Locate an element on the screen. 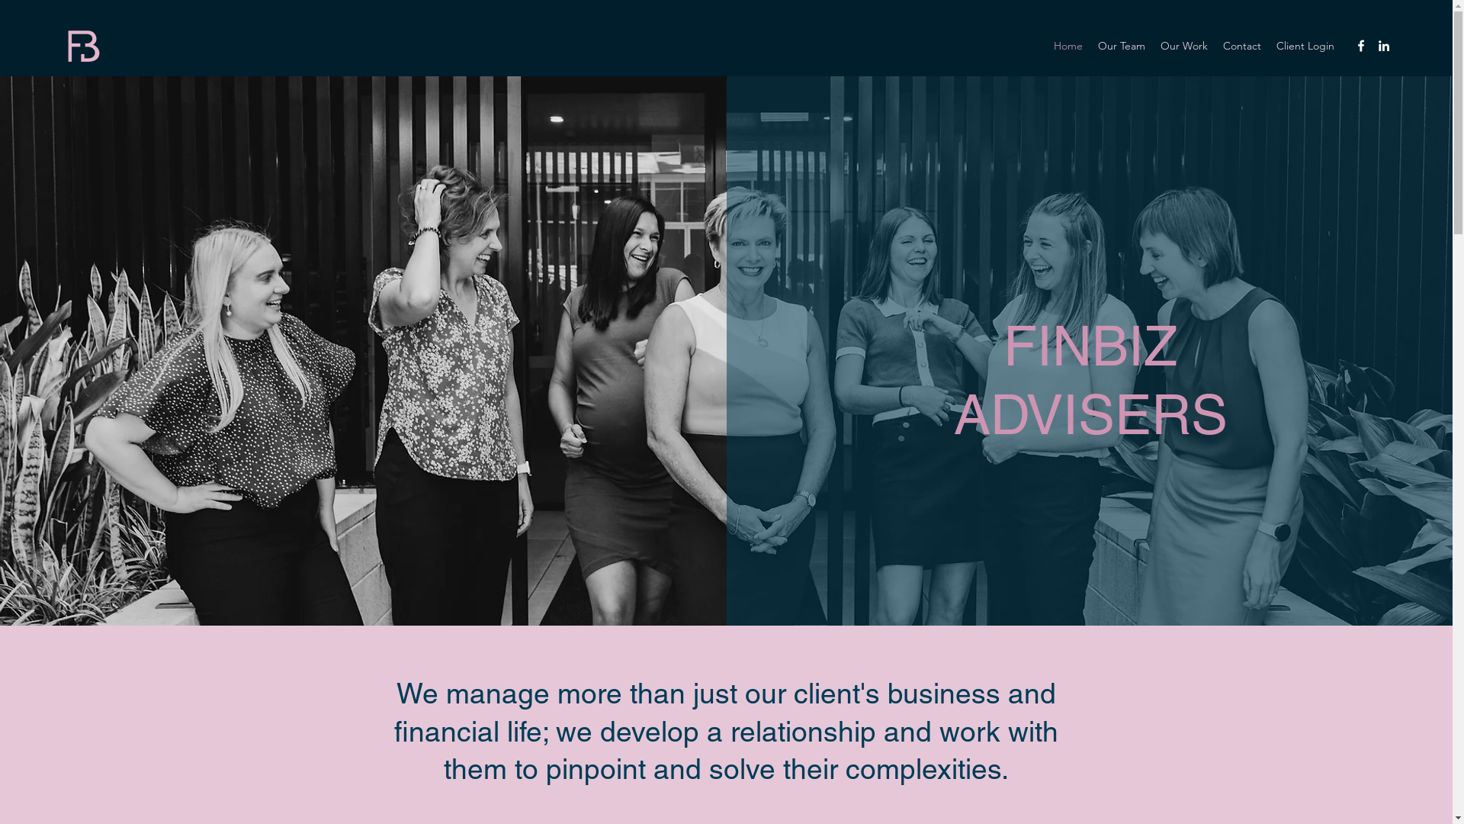  'Home' is located at coordinates (1067, 45).